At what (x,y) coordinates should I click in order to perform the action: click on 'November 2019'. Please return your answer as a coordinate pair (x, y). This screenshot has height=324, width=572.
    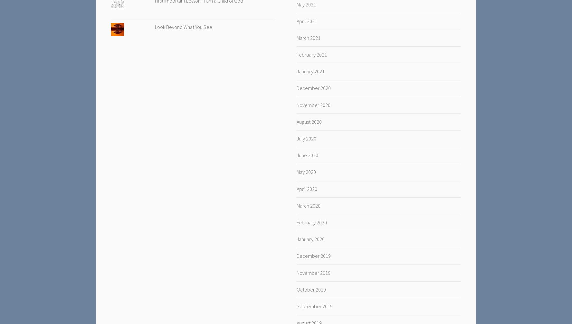
    Looking at the image, I should click on (313, 273).